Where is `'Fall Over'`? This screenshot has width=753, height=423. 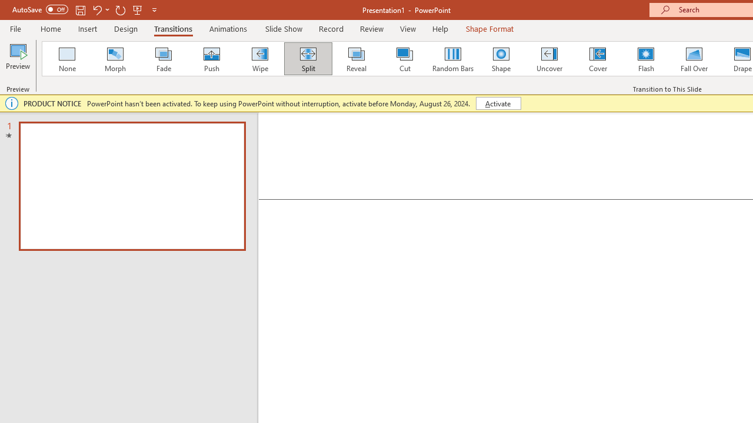
'Fall Over' is located at coordinates (694, 59).